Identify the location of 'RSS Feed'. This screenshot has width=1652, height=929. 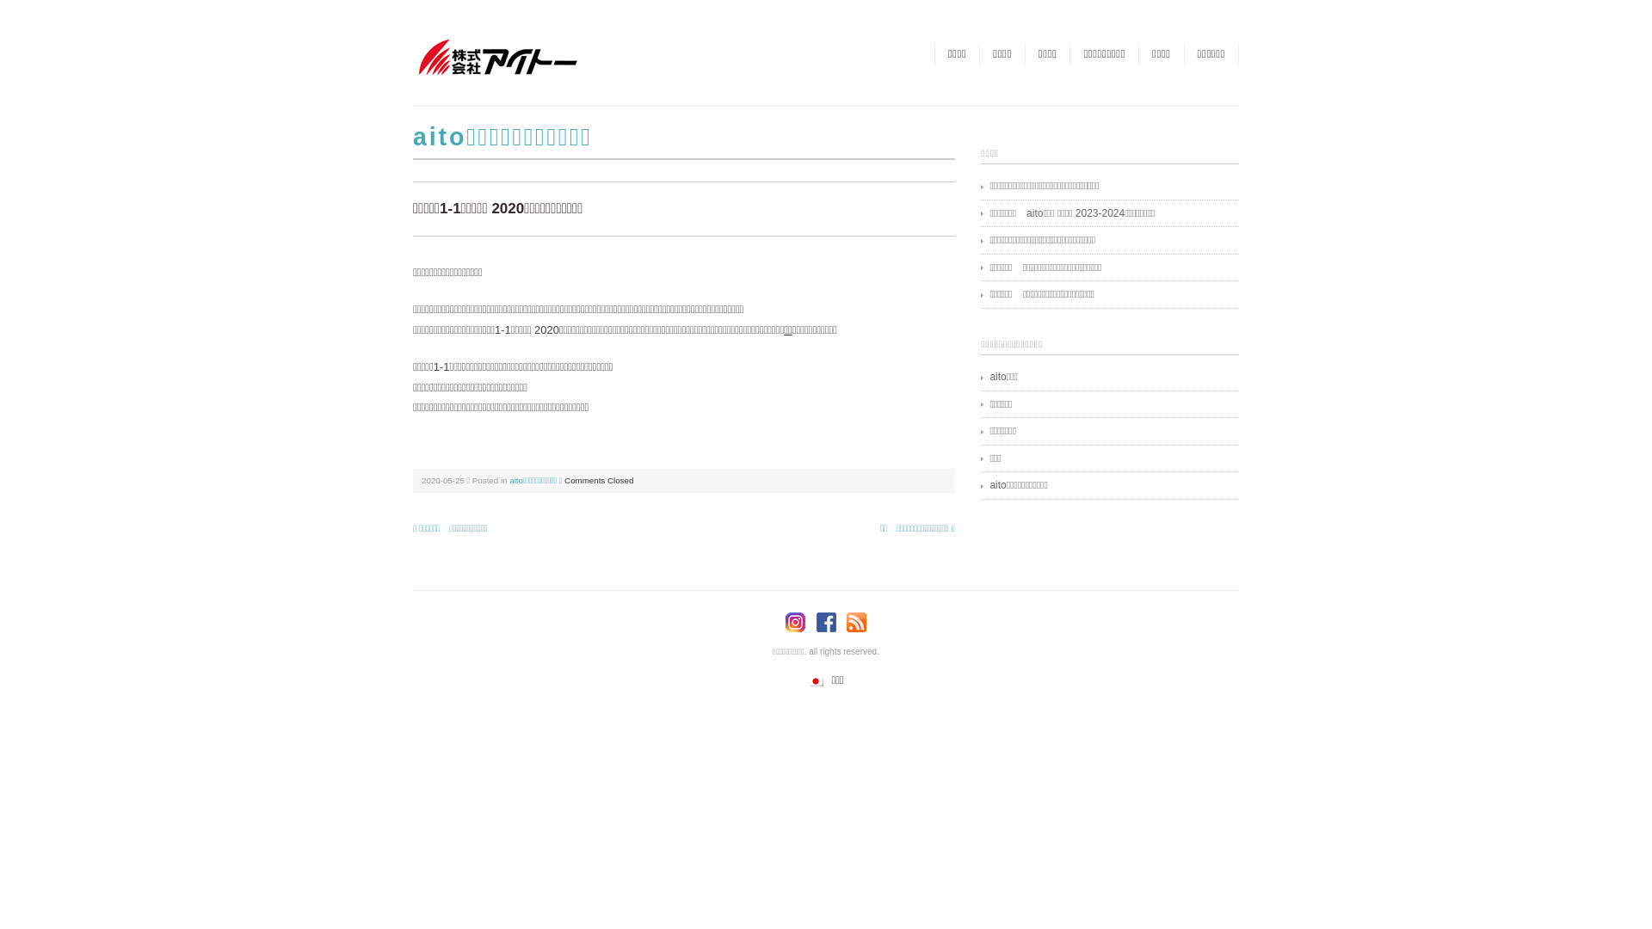
(856, 622).